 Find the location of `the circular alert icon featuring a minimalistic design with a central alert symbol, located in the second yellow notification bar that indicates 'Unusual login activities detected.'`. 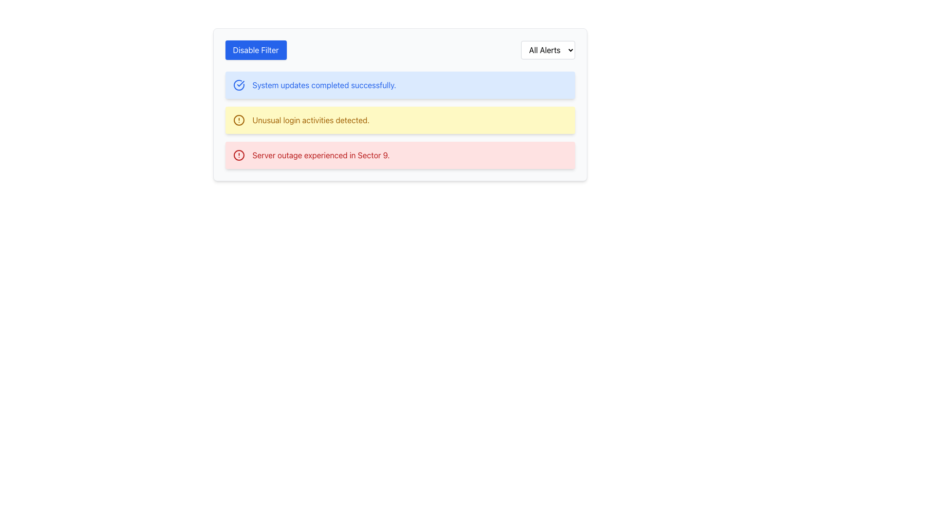

the circular alert icon featuring a minimalistic design with a central alert symbol, located in the second yellow notification bar that indicates 'Unusual login activities detected.' is located at coordinates (239, 119).